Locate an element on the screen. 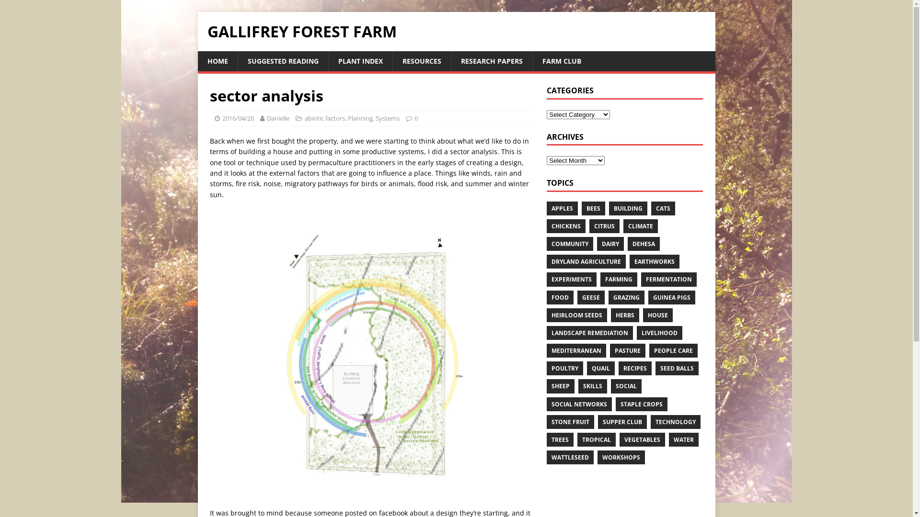 Image resolution: width=920 pixels, height=517 pixels. '0' is located at coordinates (415, 117).